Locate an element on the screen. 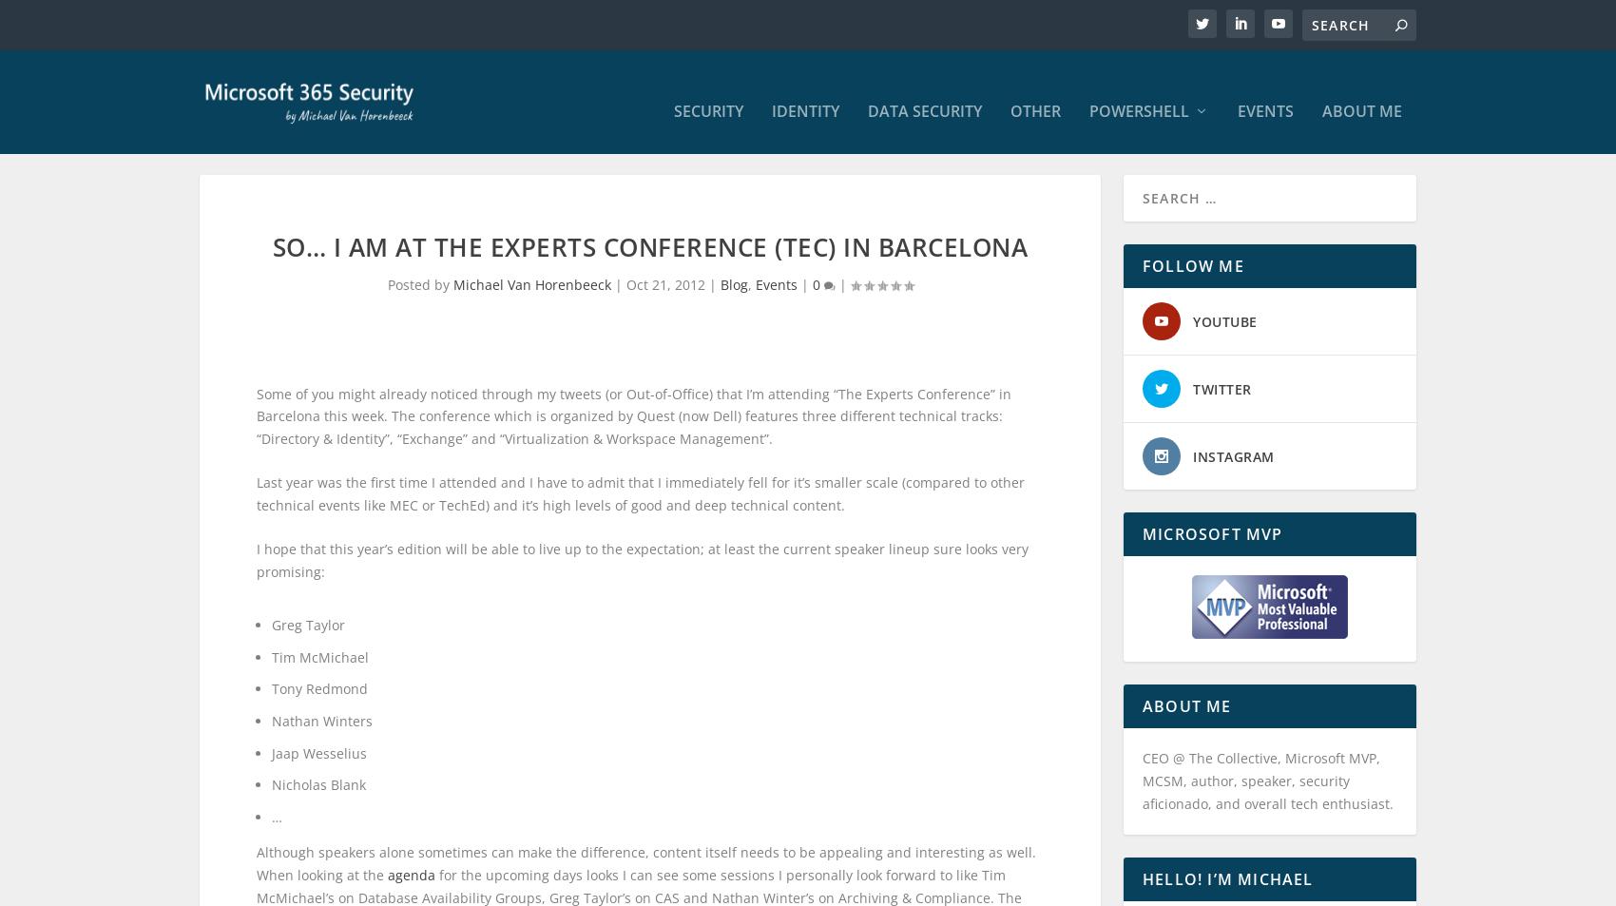 Image resolution: width=1616 pixels, height=906 pixels. 'Exchange Server Component States' is located at coordinates (1099, 563).